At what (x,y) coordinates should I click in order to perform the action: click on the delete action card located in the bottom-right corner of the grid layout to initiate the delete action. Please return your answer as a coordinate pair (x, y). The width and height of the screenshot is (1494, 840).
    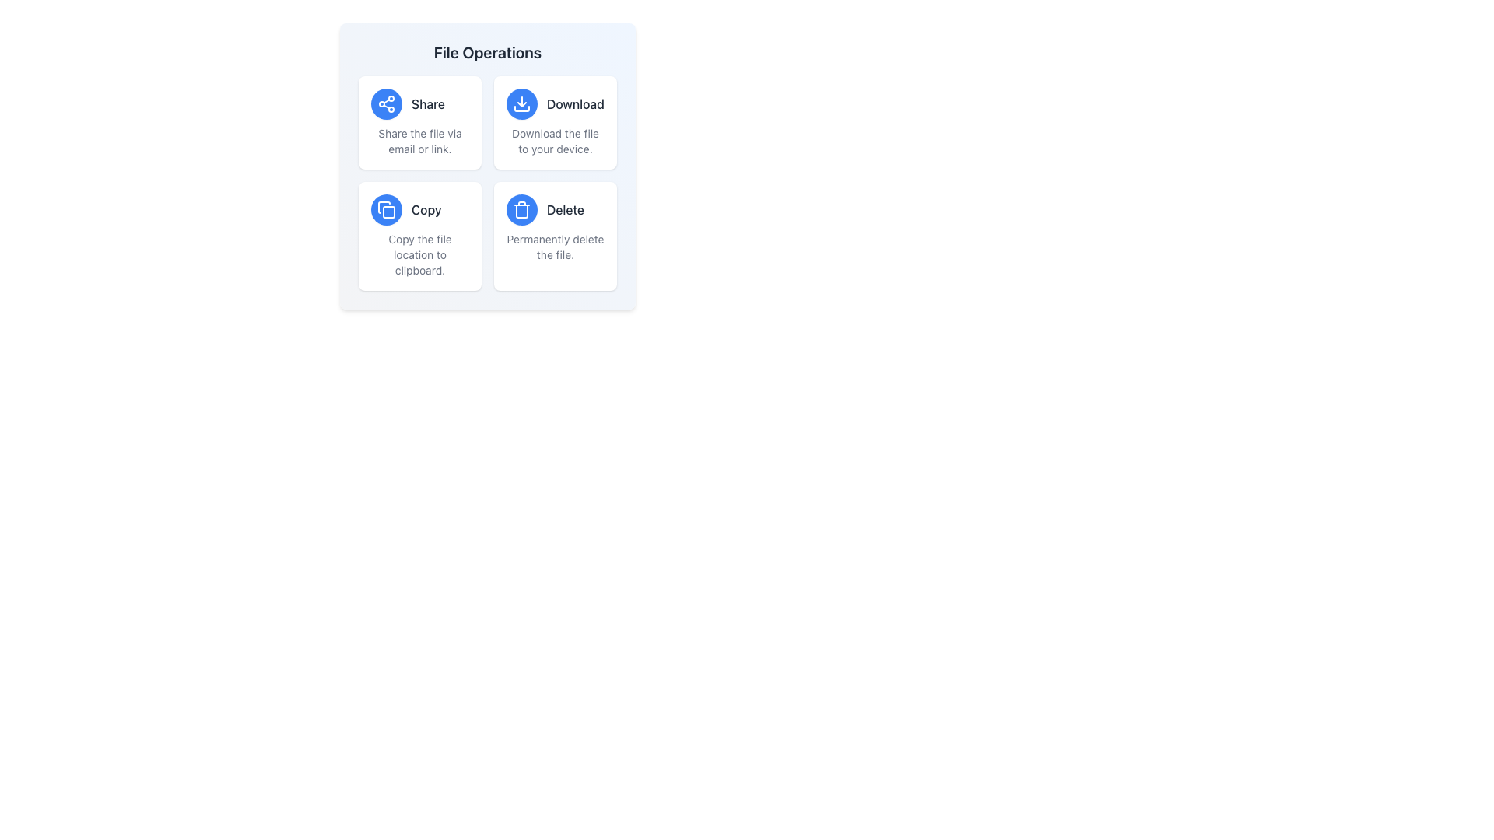
    Looking at the image, I should click on (556, 236).